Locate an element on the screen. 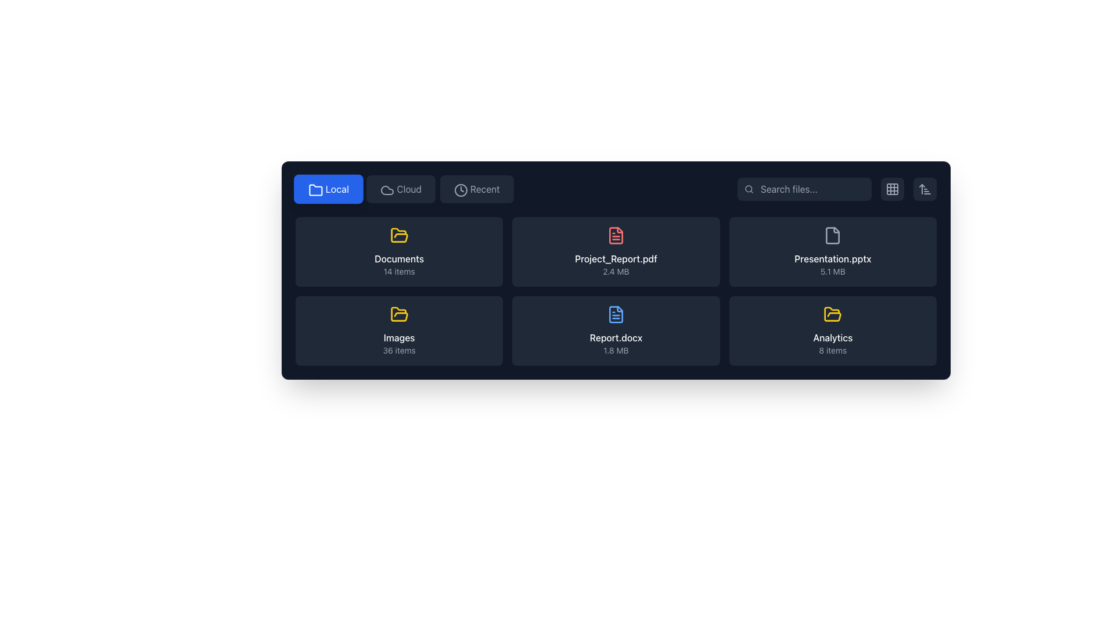 The height and width of the screenshot is (627, 1115). the text label 'Project_Report.pdf' for accessibility by moving the cursor to its center is located at coordinates (615, 258).